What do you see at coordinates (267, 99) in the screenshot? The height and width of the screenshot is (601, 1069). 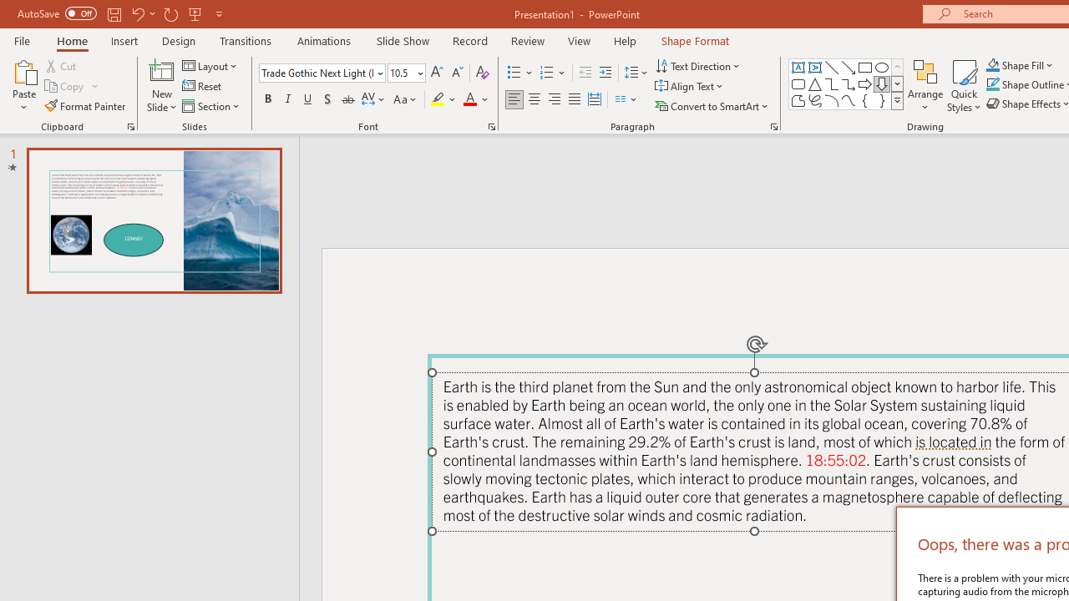 I see `'Bold'` at bounding box center [267, 99].